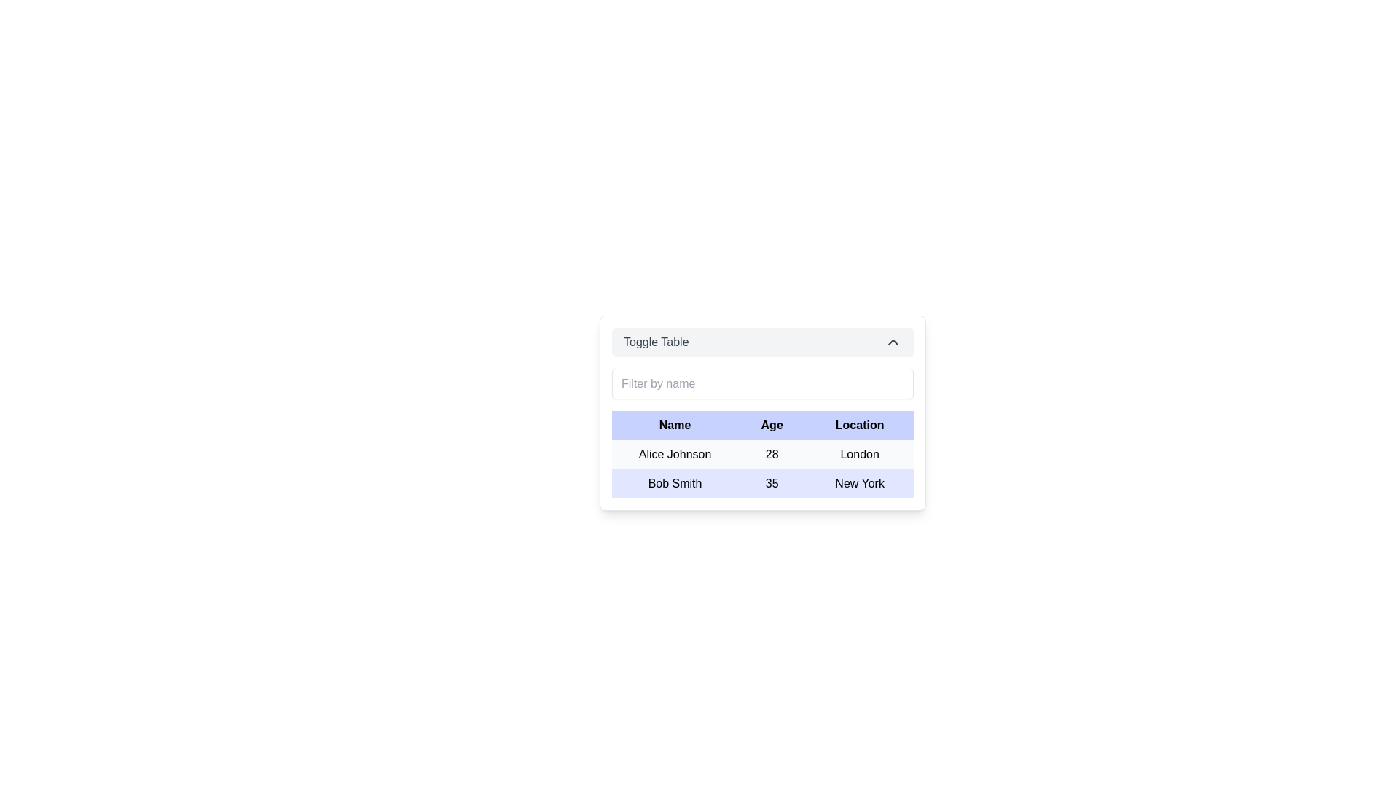  I want to click on second row of the table displaying user information, which contains 'Bob Smith', '35', and 'New York', by clicking on it, so click(761, 483).